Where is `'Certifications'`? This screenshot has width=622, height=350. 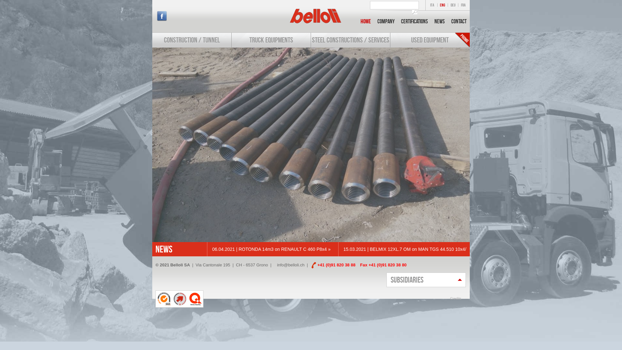
'Certifications' is located at coordinates (414, 21).